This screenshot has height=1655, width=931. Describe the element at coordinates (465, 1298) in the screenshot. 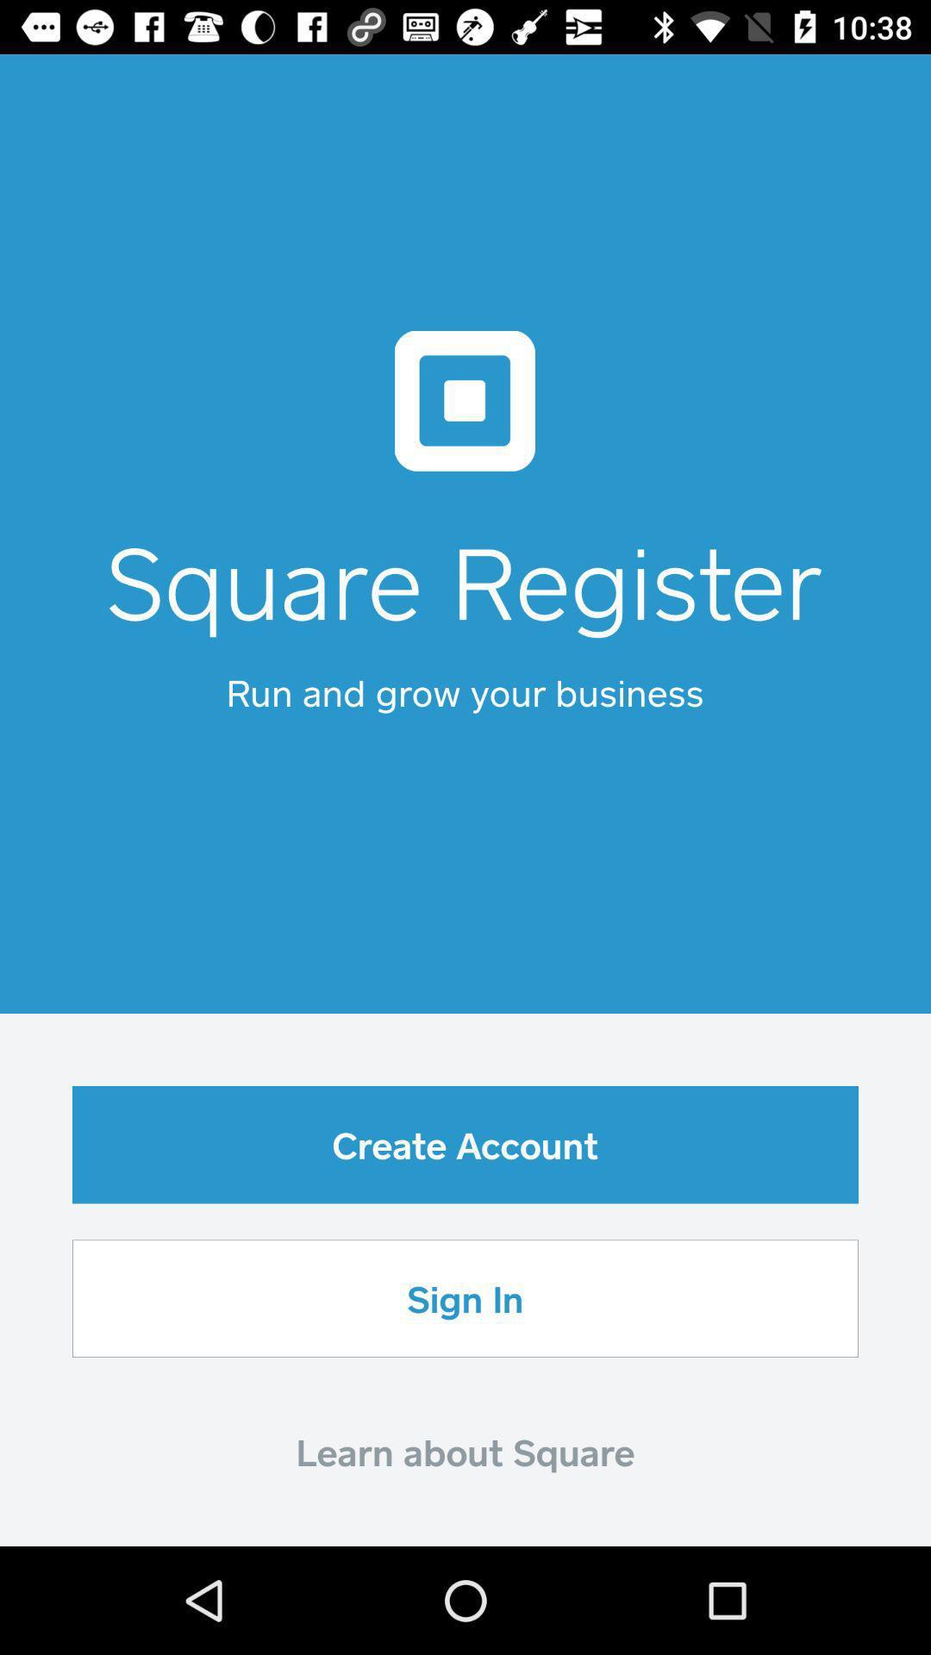

I see `sign in` at that location.